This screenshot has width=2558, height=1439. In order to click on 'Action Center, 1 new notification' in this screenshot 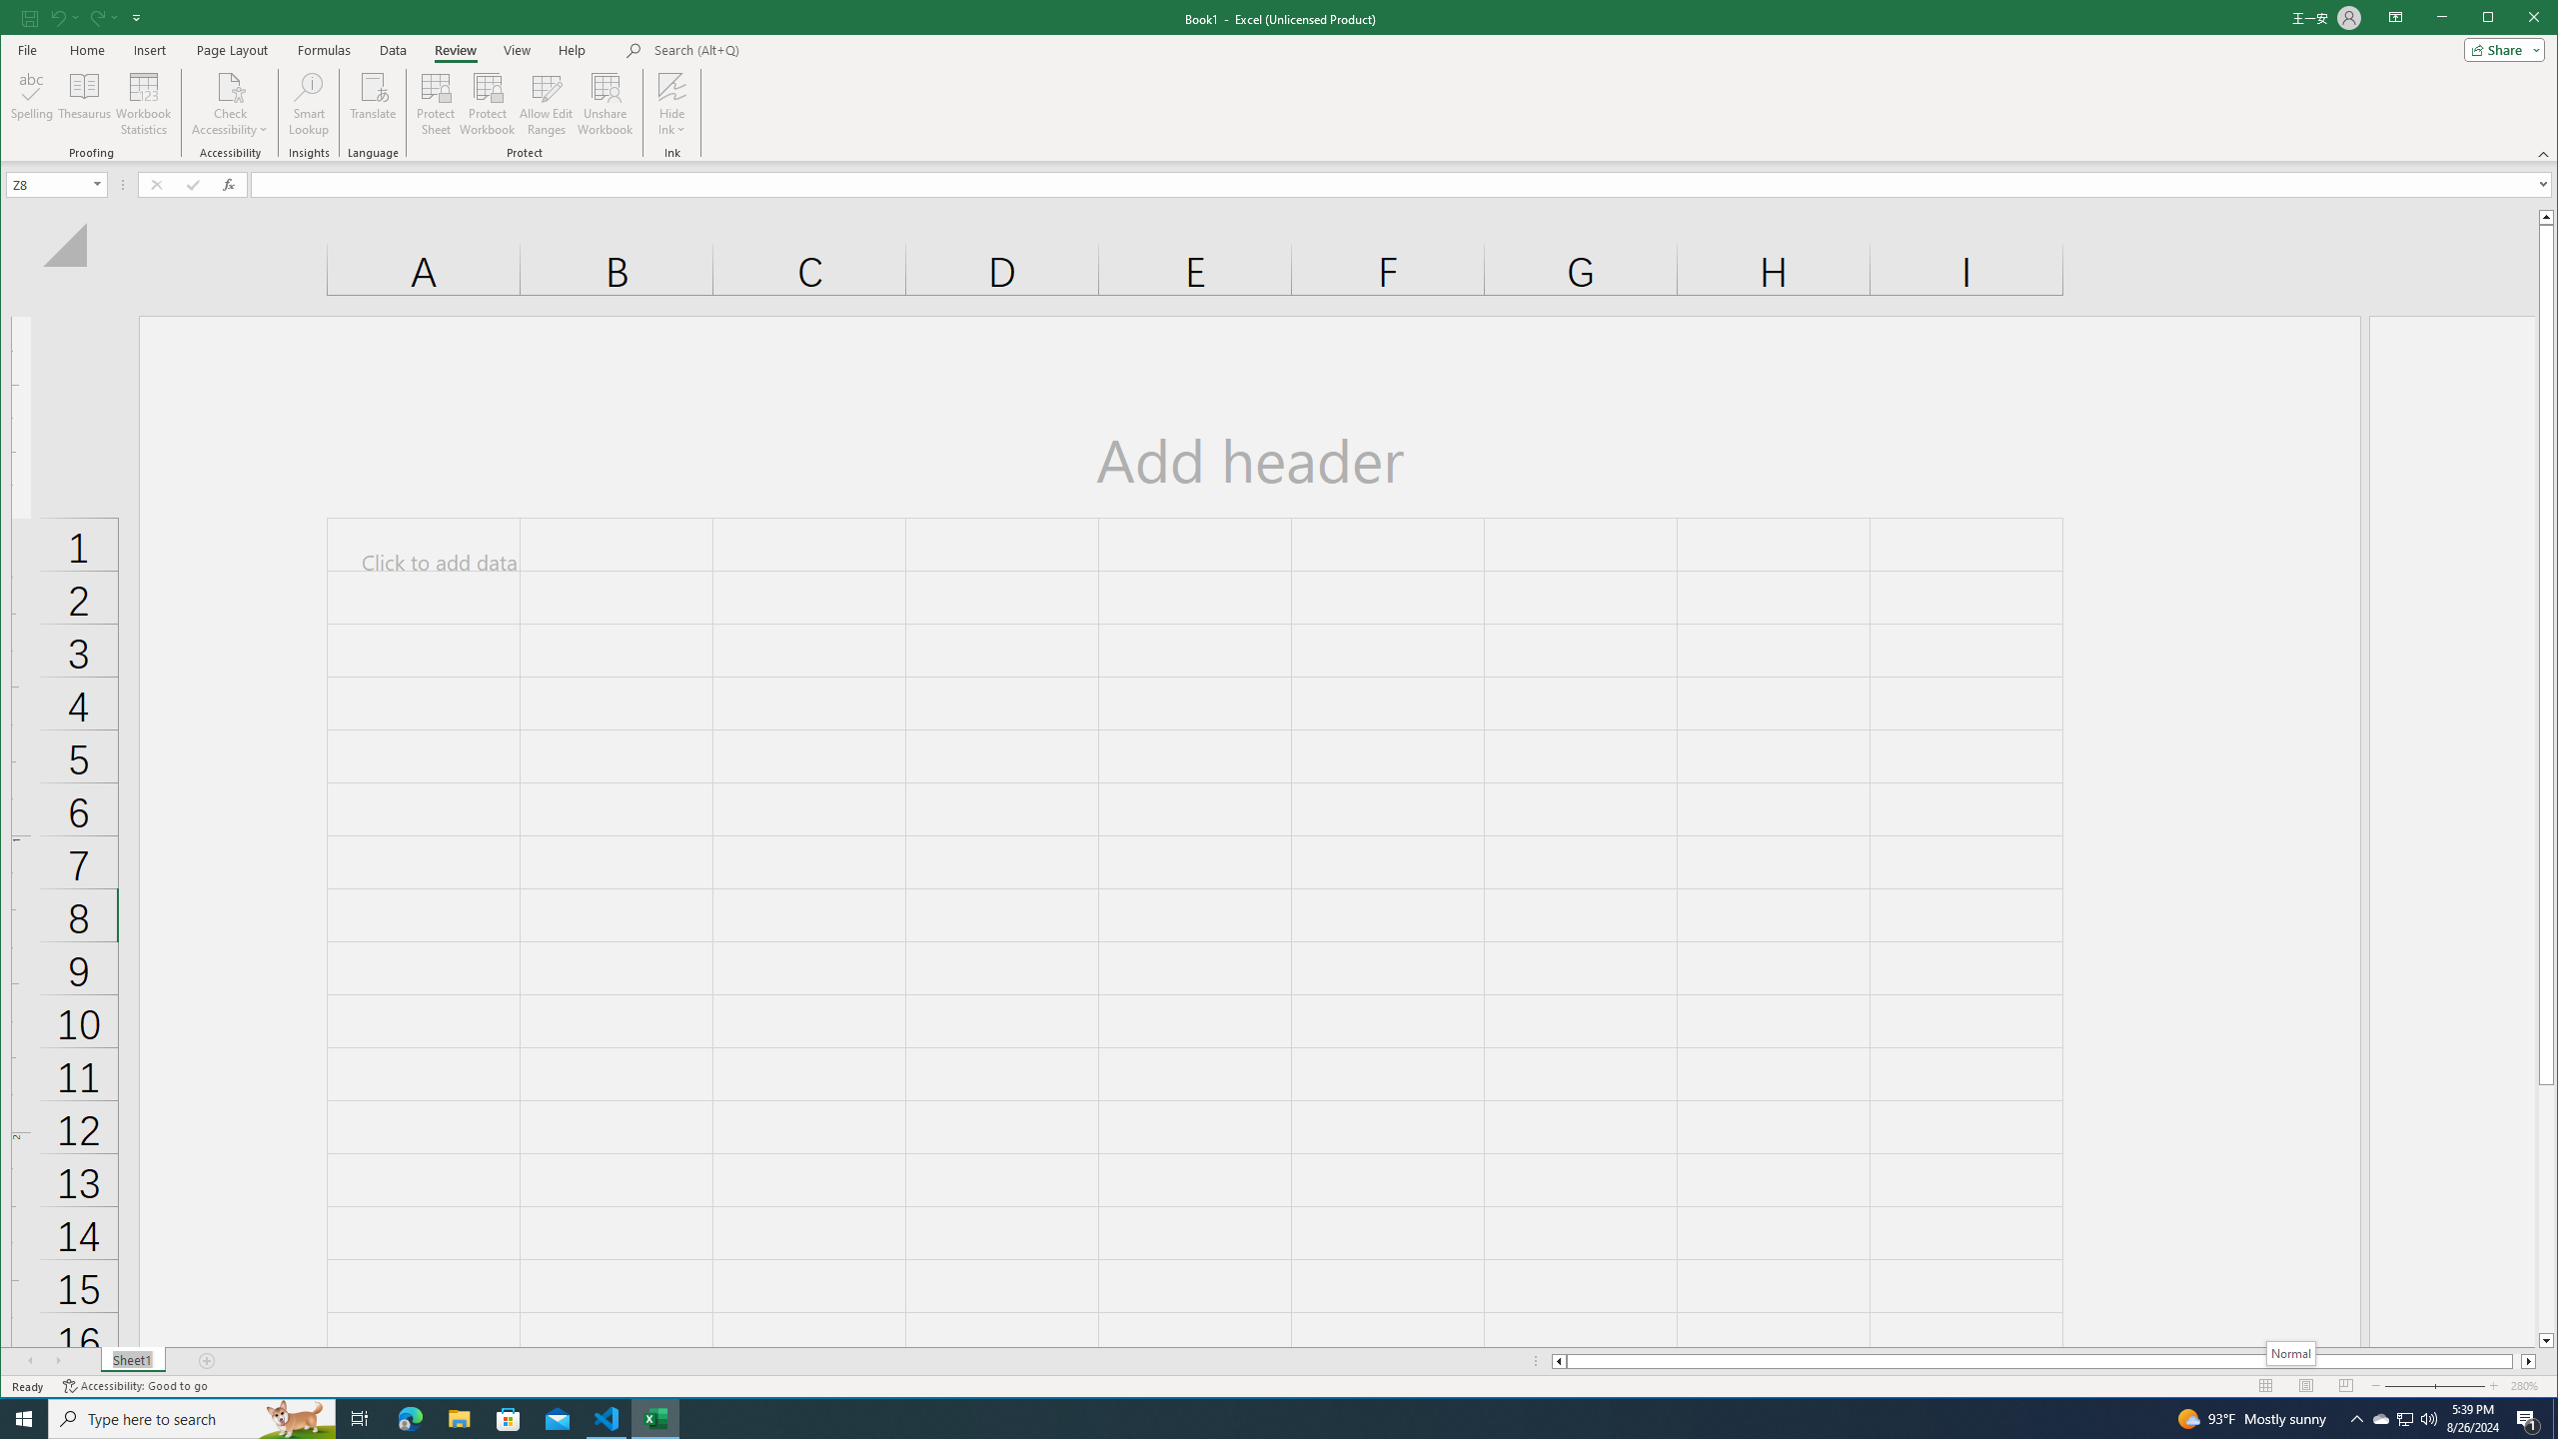, I will do `click(2528, 1417)`.